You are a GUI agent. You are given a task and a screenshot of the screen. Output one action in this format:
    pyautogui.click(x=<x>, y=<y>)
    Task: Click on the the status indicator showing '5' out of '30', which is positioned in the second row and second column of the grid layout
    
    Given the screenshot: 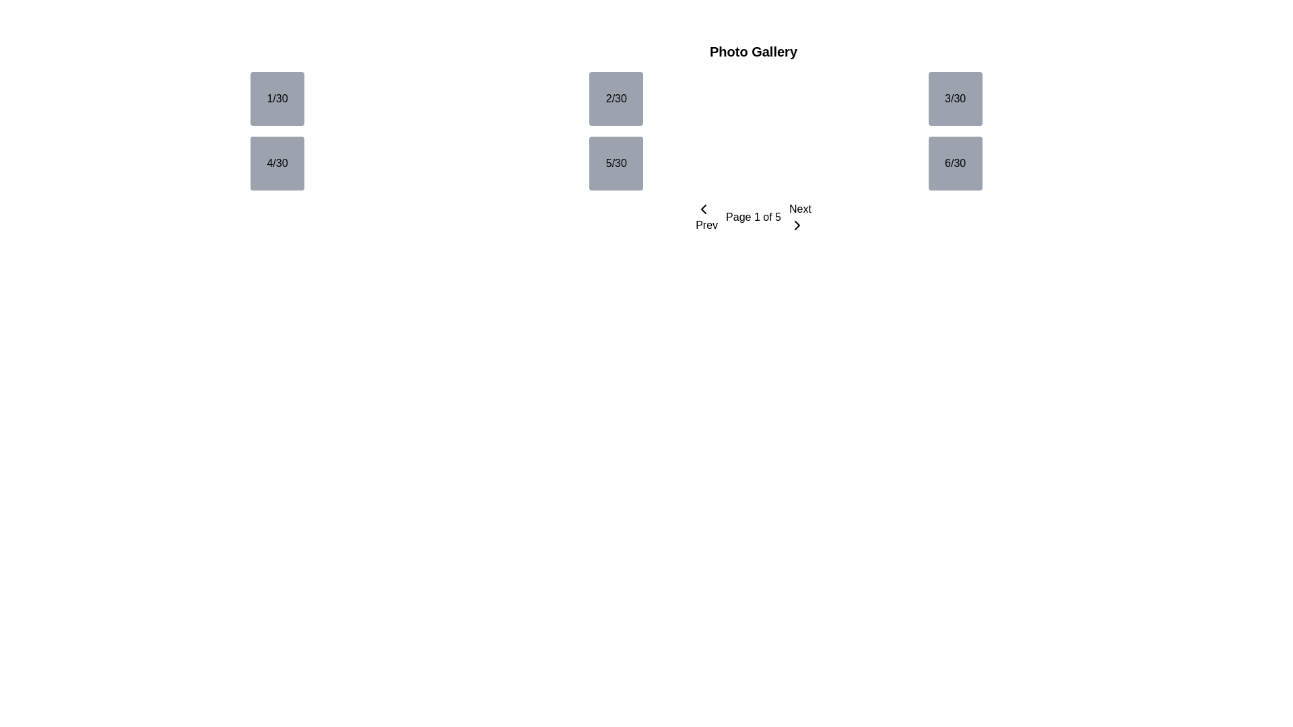 What is the action you would take?
    pyautogui.click(x=616, y=163)
    